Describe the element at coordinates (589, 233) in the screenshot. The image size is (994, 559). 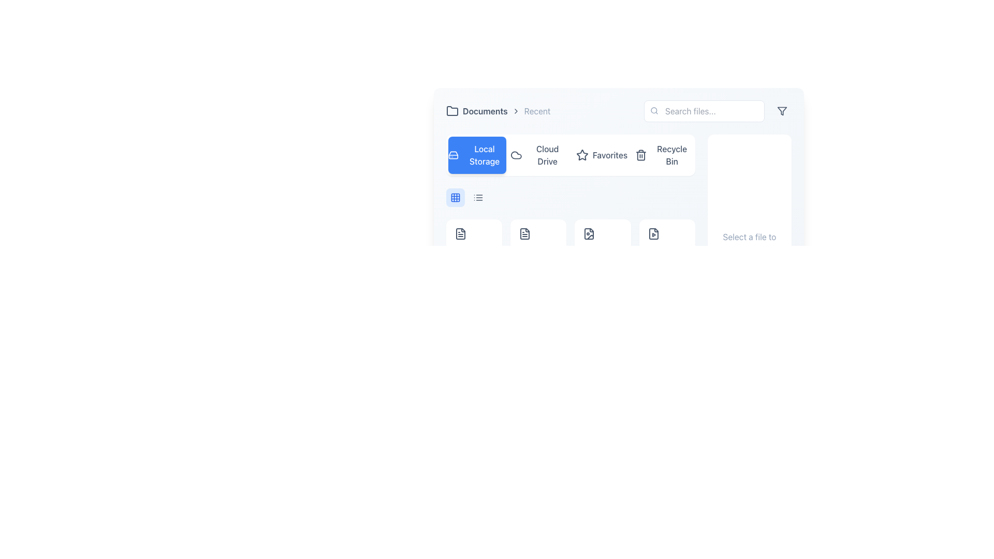
I see `the file selection icon located within the grid of icons, positioned slightly to the right of the application's main navigation panel` at that location.